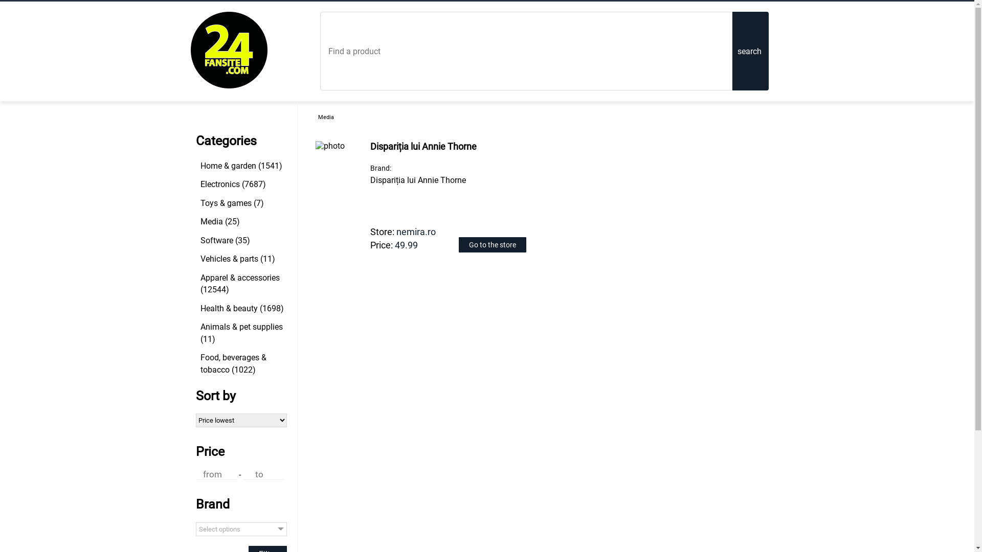 This screenshot has width=982, height=552. Describe the element at coordinates (242, 221) in the screenshot. I see `'Media (25)'` at that location.